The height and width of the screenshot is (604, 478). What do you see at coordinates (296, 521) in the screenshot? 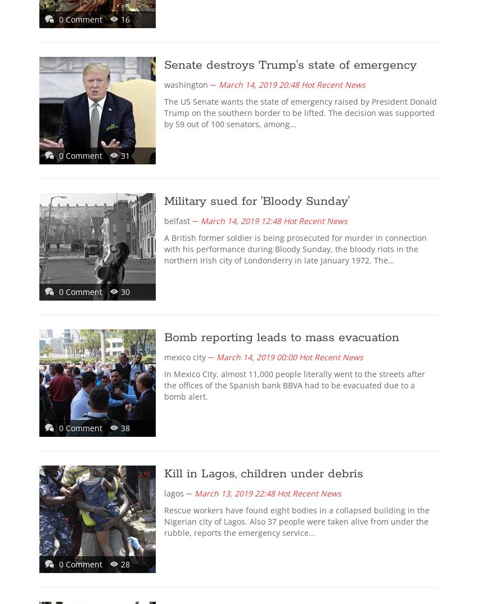
I see `'Rescue workers have found eight bodies in a collapsed building in the Nigerian city of Lagos. Also 37 people were taken alive from under the rubble, reports the emergency service...'` at bounding box center [296, 521].